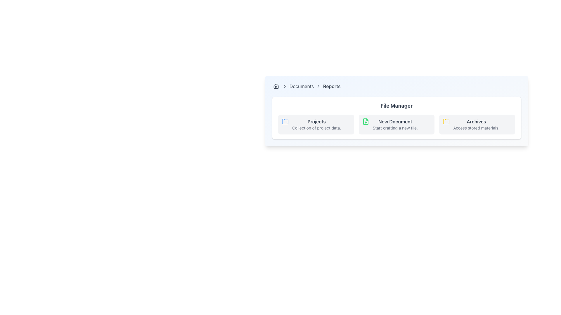 Image resolution: width=561 pixels, height=315 pixels. Describe the element at coordinates (476, 121) in the screenshot. I see `the 'Archives' text label in the File Manager section to interact with related functionalities` at that location.